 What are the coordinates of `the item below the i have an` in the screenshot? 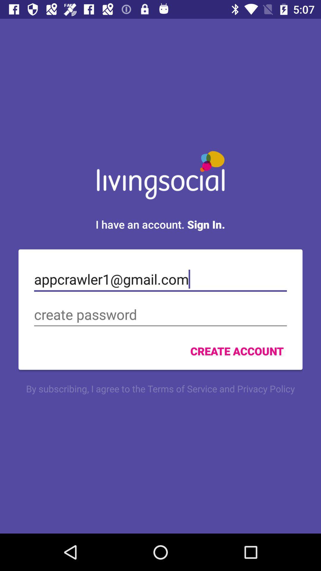 It's located at (160, 279).